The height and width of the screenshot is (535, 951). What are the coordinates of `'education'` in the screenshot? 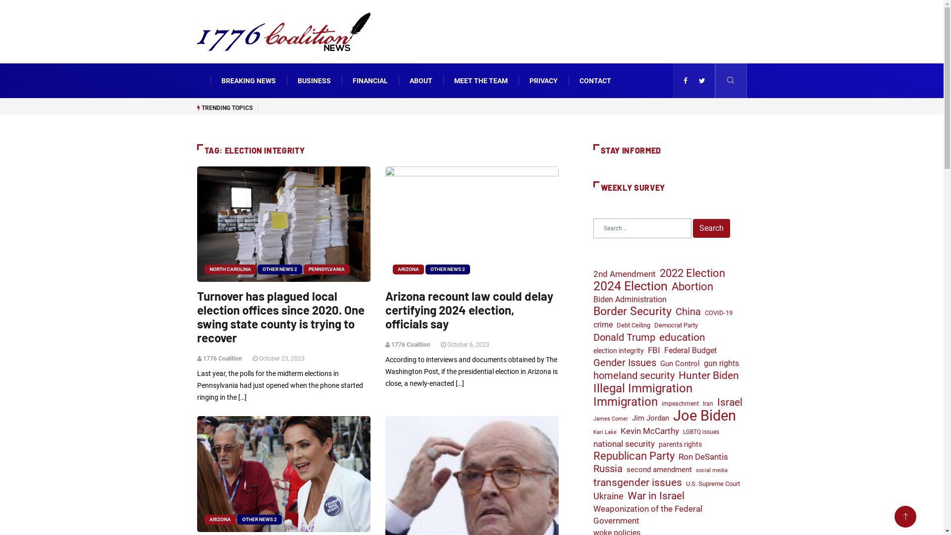 It's located at (681, 337).